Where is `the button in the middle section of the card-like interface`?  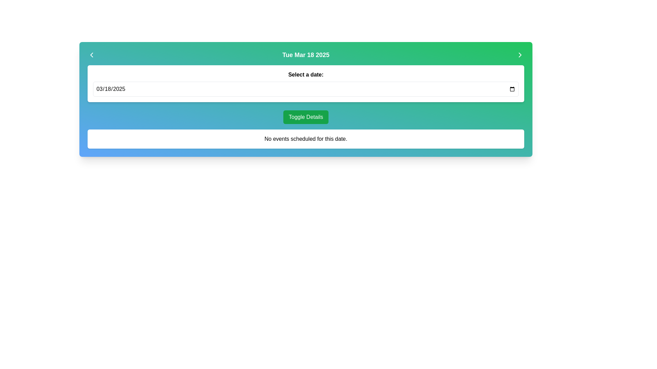
the button in the middle section of the card-like interface is located at coordinates (305, 117).